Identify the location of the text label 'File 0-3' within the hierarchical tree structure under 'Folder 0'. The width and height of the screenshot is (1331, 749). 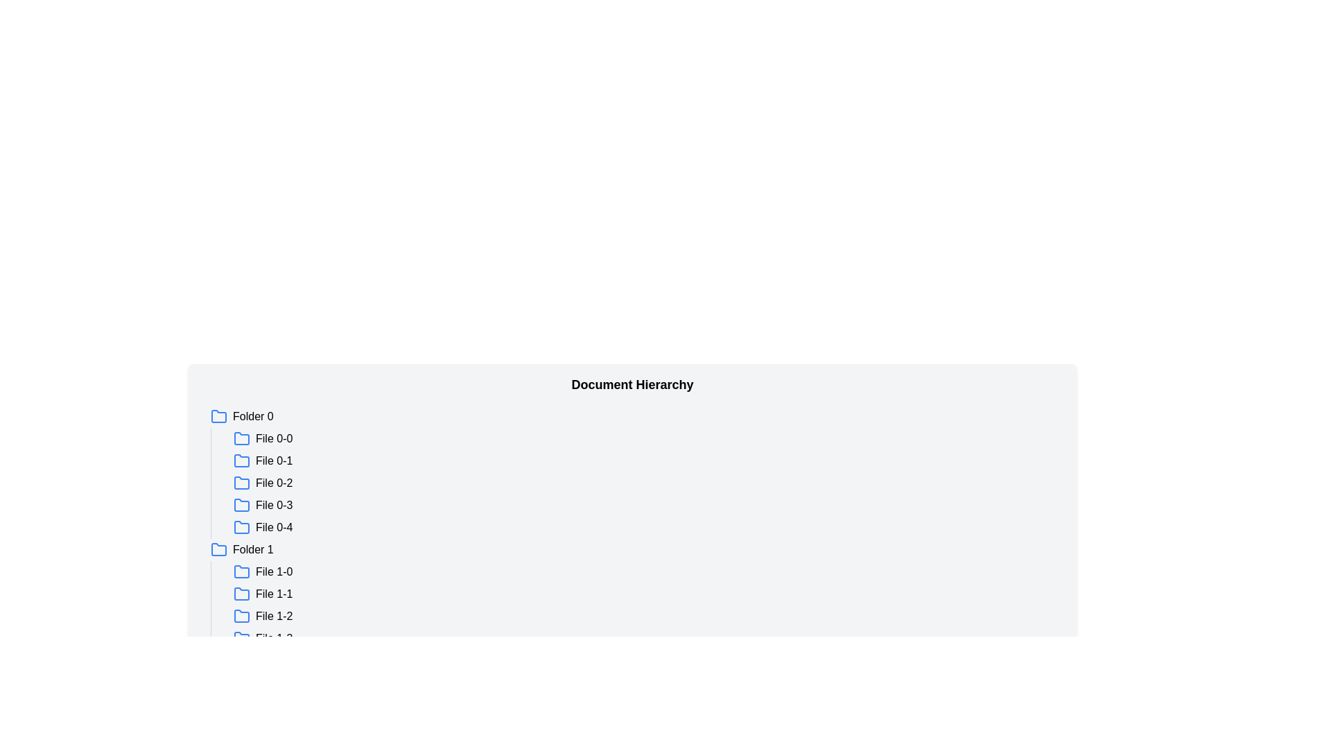
(274, 506).